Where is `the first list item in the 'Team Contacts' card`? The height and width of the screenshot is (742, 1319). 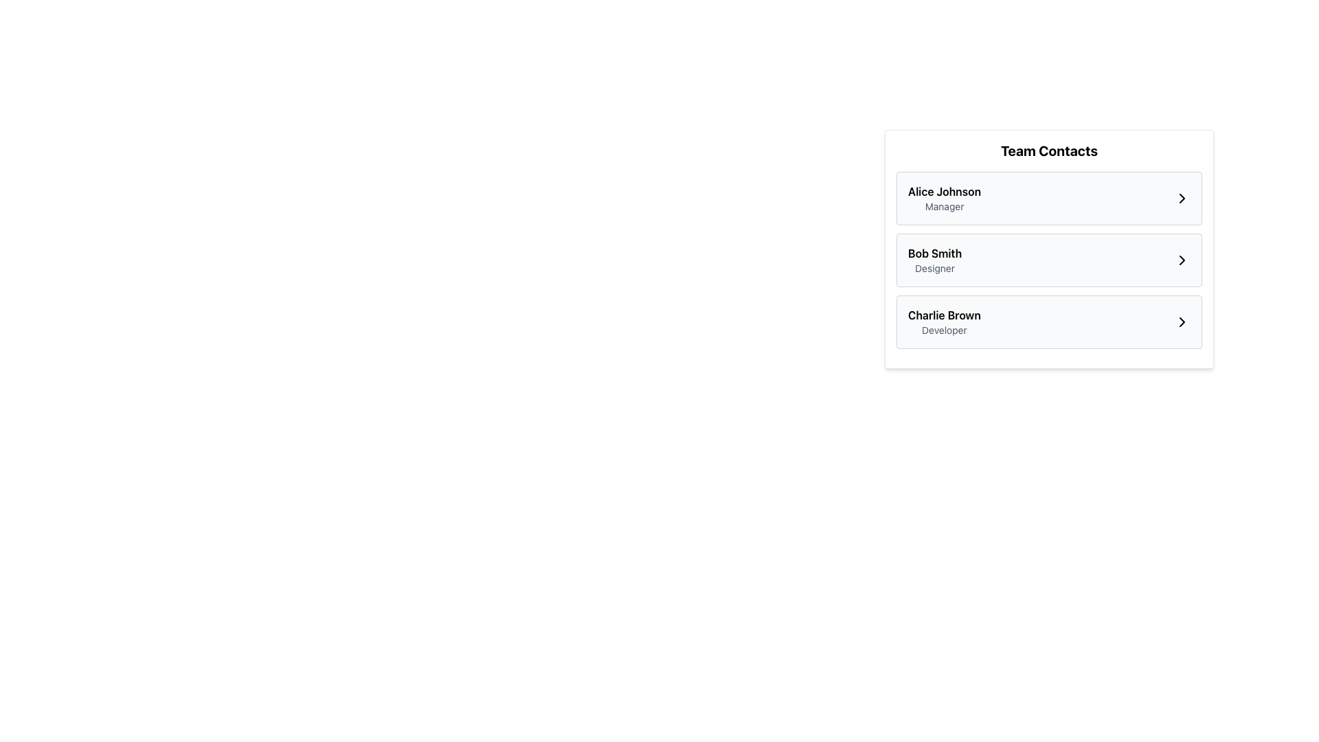
the first list item in the 'Team Contacts' card is located at coordinates (1048, 199).